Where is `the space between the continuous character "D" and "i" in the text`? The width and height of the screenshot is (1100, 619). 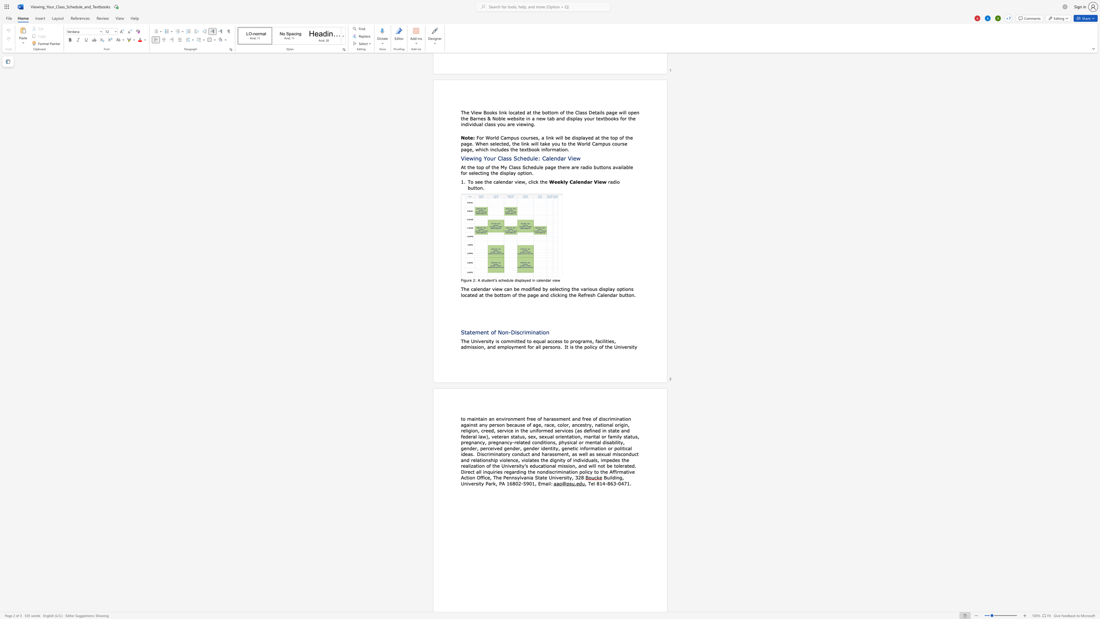
the space between the continuous character "D" and "i" in the text is located at coordinates (514, 332).